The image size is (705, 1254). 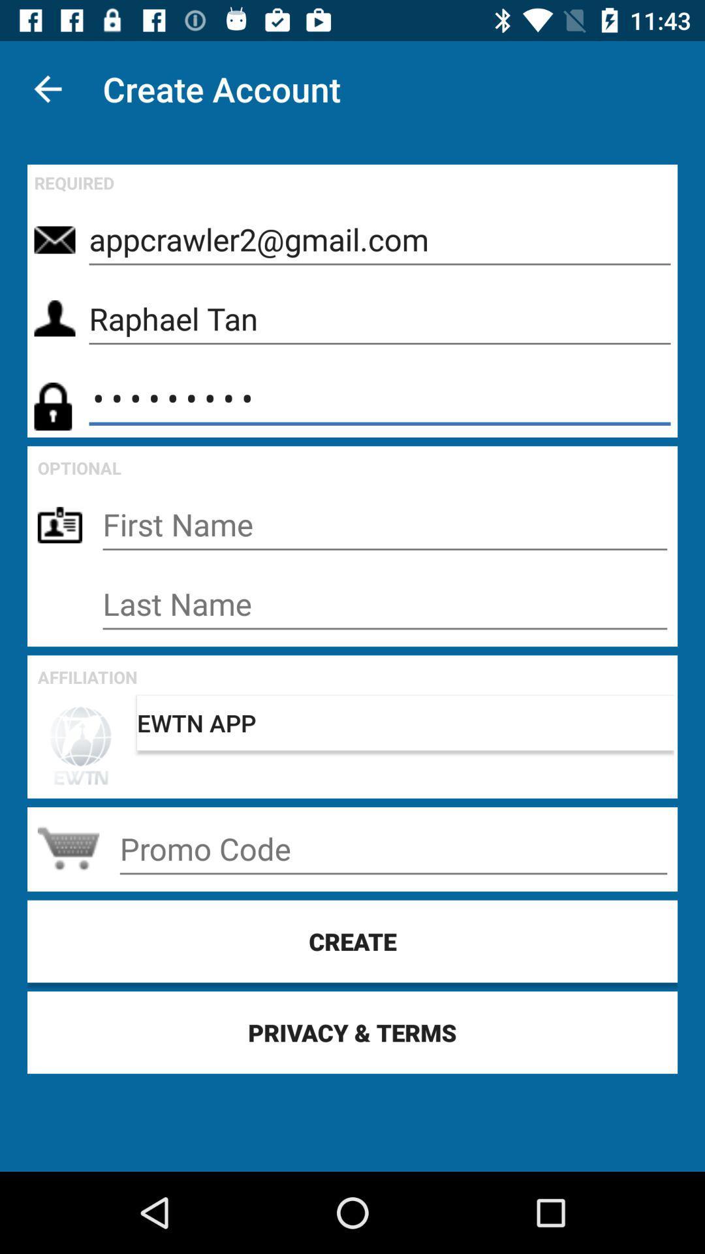 I want to click on input a promo code, so click(x=392, y=849).